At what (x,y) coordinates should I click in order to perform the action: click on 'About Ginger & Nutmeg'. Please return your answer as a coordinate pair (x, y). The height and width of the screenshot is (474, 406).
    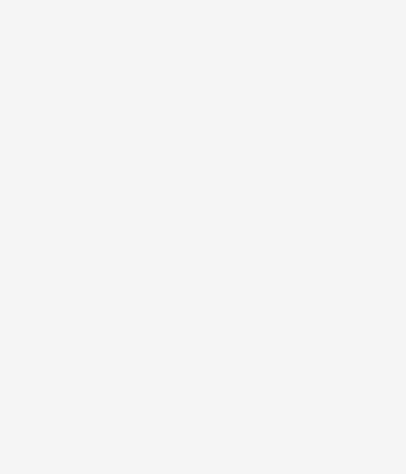
    Looking at the image, I should click on (31, 384).